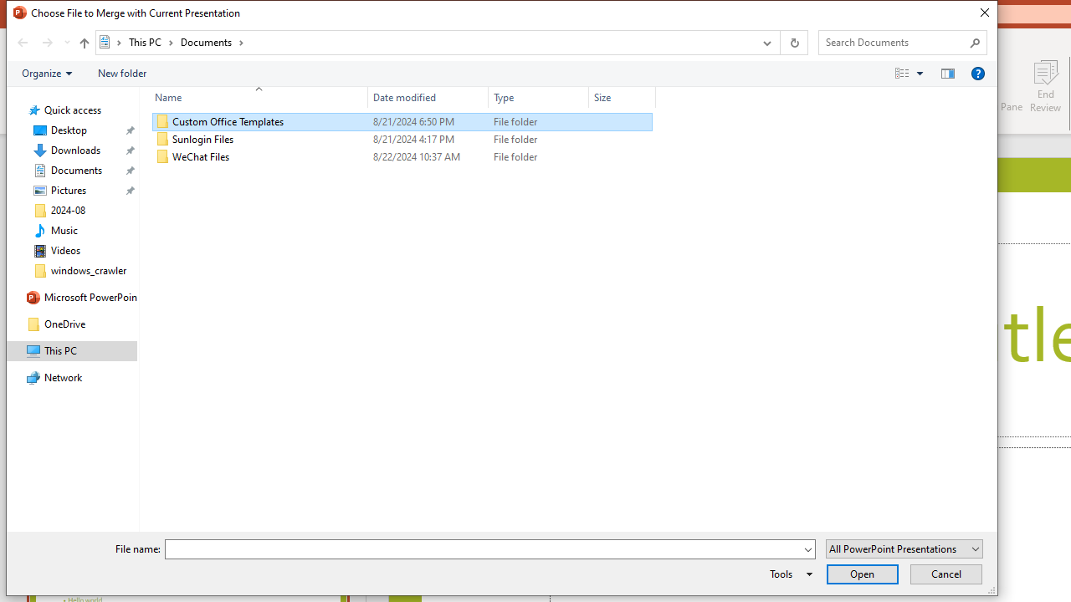  I want to click on 'End Review', so click(1044, 86).